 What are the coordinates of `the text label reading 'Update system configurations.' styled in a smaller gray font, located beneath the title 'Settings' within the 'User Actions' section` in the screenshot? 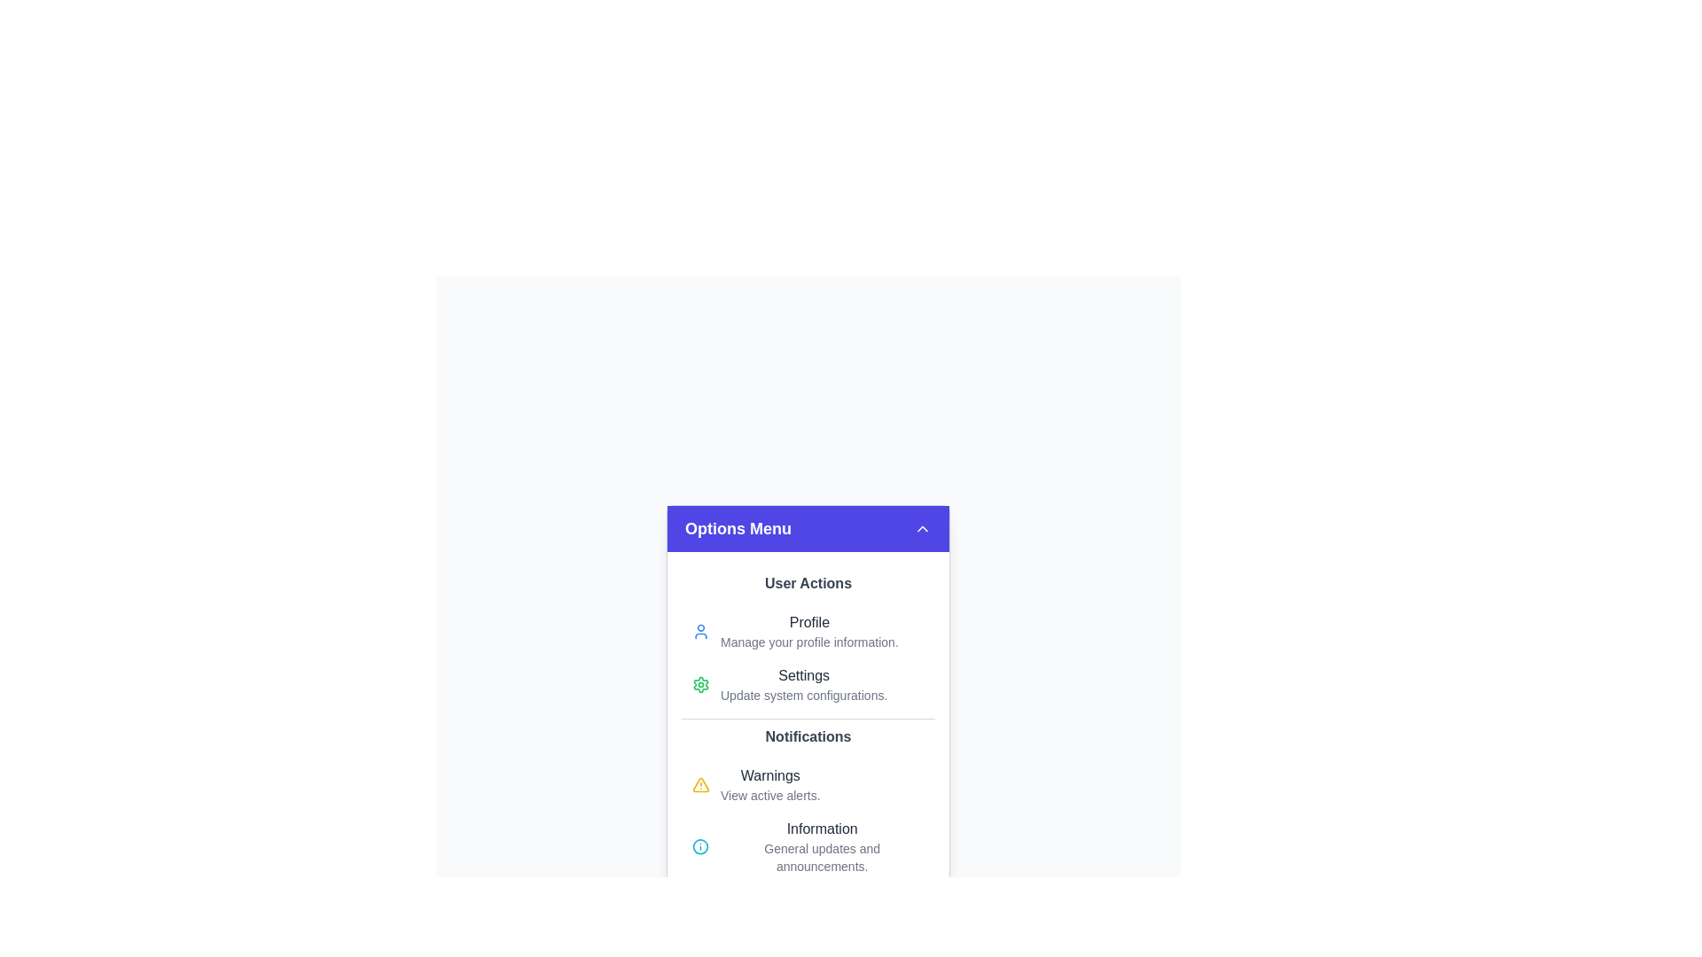 It's located at (803, 695).